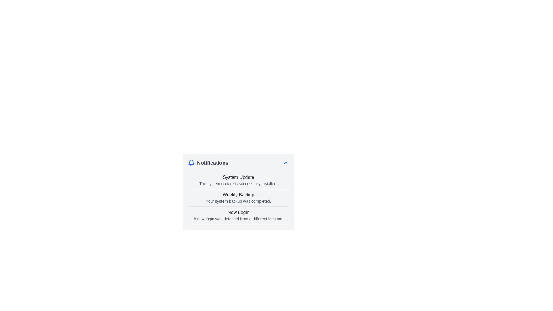 Image resolution: width=553 pixels, height=311 pixels. I want to click on the 'Notifications' Toggle Header with a bell icon on the left and a chevron icon on the right, so click(238, 163).